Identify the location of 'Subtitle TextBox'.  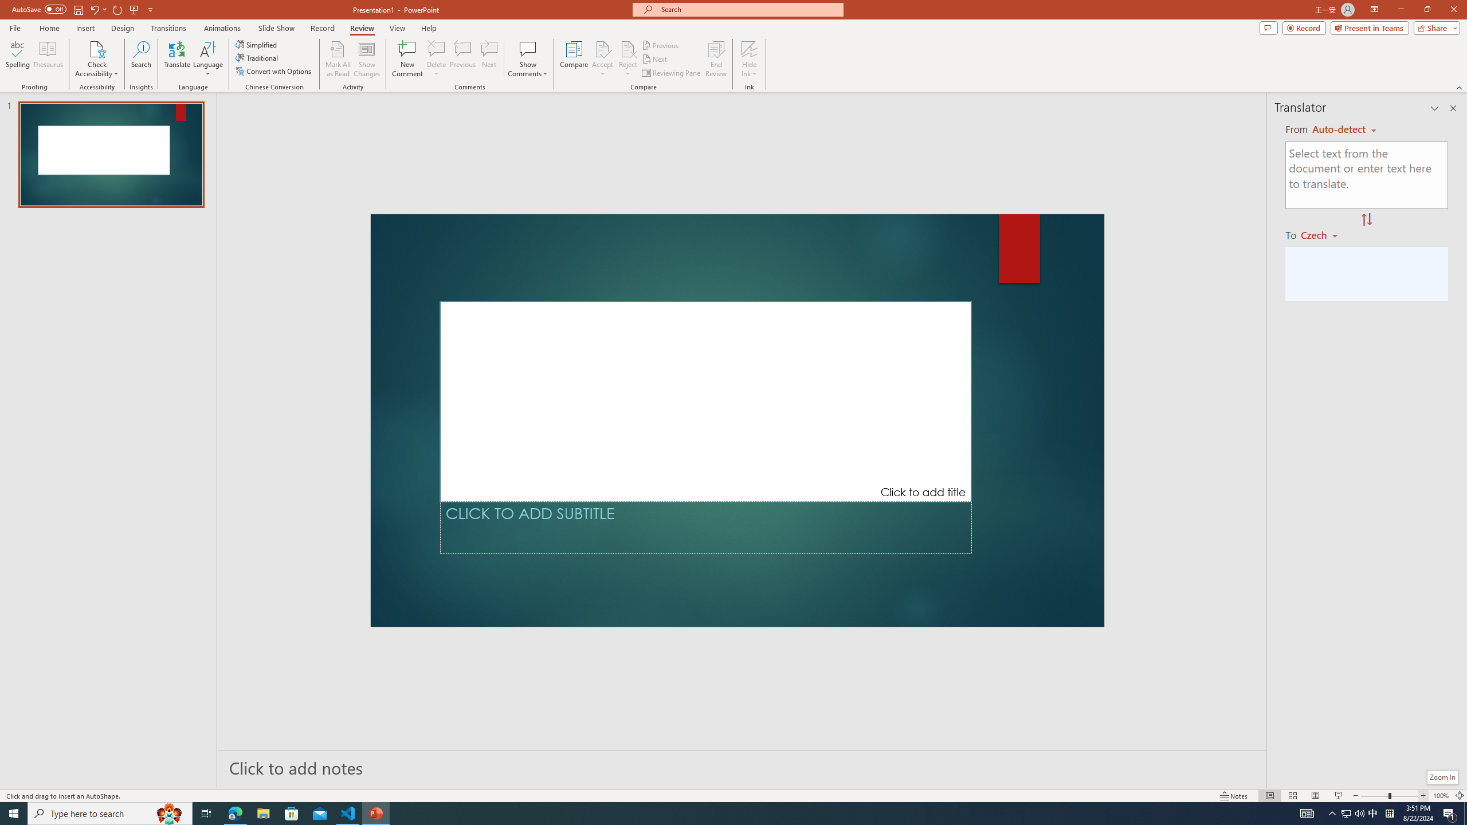
(705, 527).